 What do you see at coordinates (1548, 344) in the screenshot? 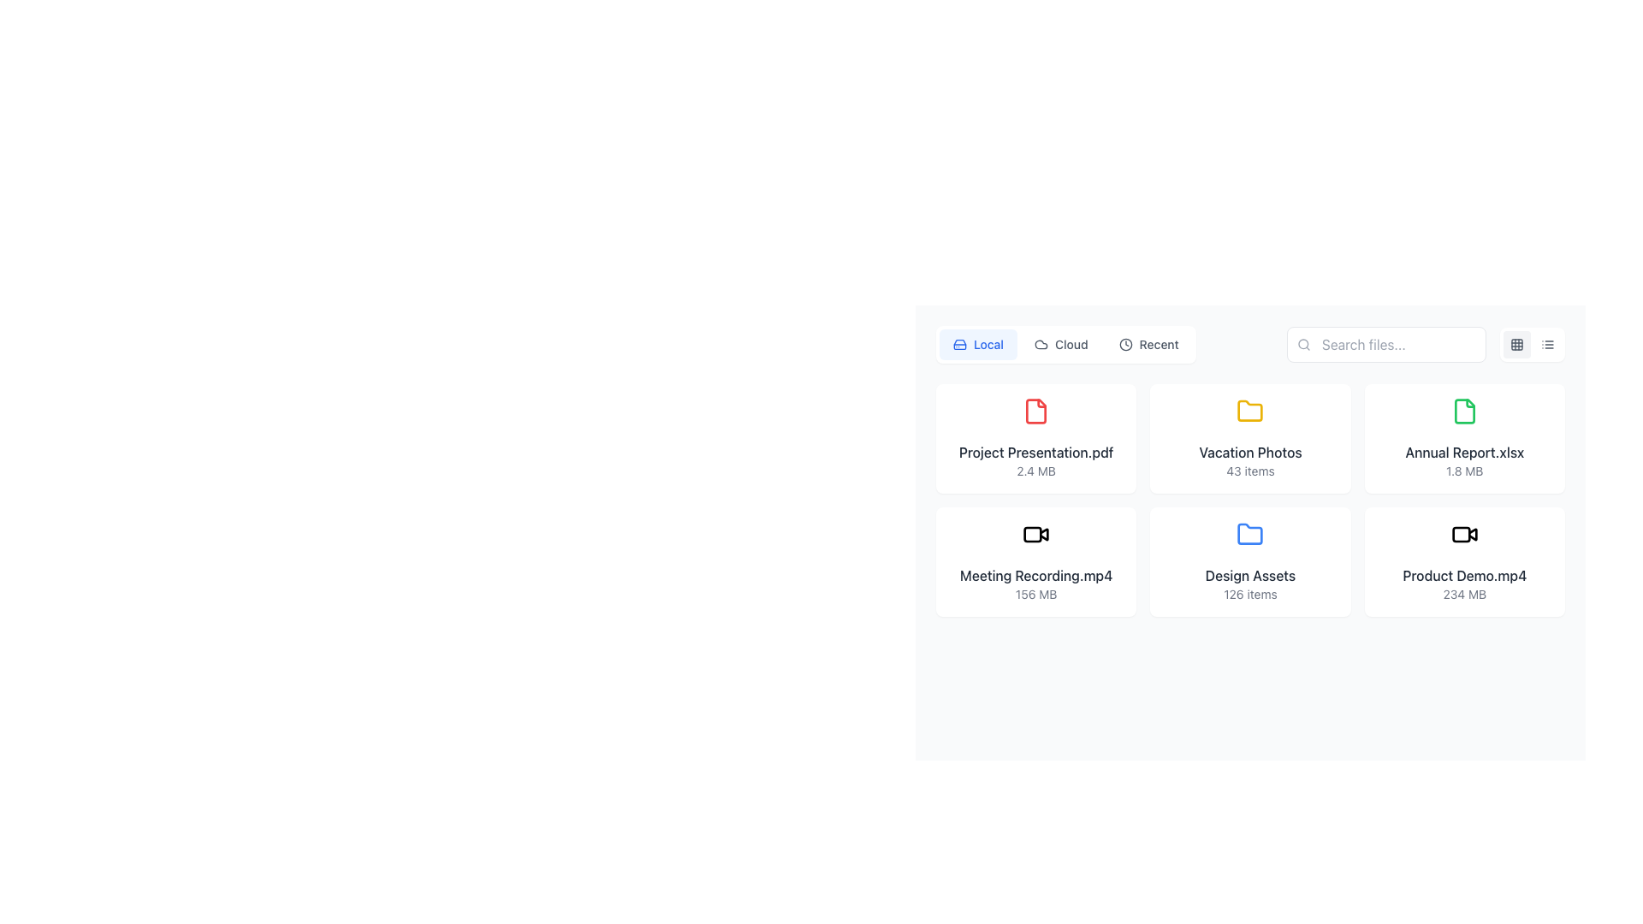
I see `the toggle button resembling a list layout, which is the second interactive option in the top-right corner of the interface` at bounding box center [1548, 344].